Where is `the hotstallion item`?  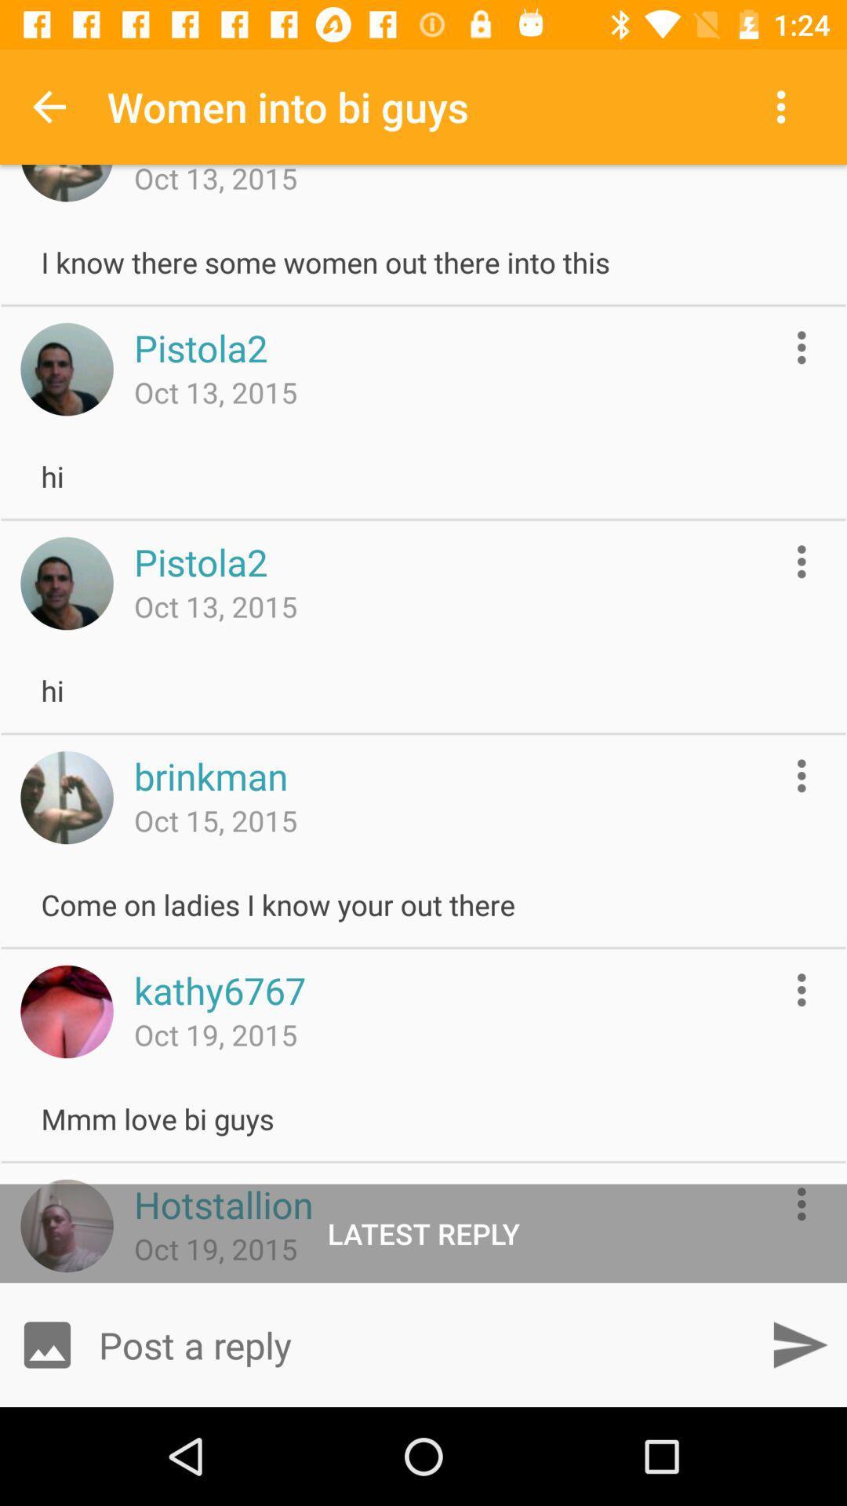 the hotstallion item is located at coordinates (224, 1203).